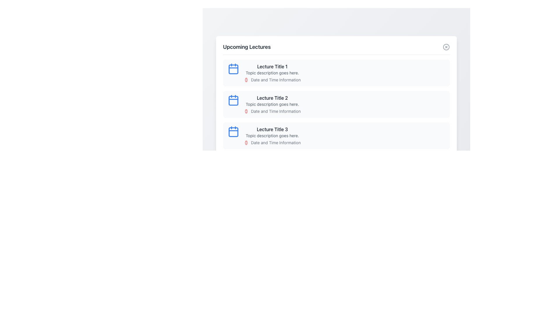 The image size is (559, 314). What do you see at coordinates (233, 132) in the screenshot?
I see `the blank white square inside the third calendar icon for 'Lecture Title 3', which has a blue border and is located at the center of the calendar icon` at bounding box center [233, 132].